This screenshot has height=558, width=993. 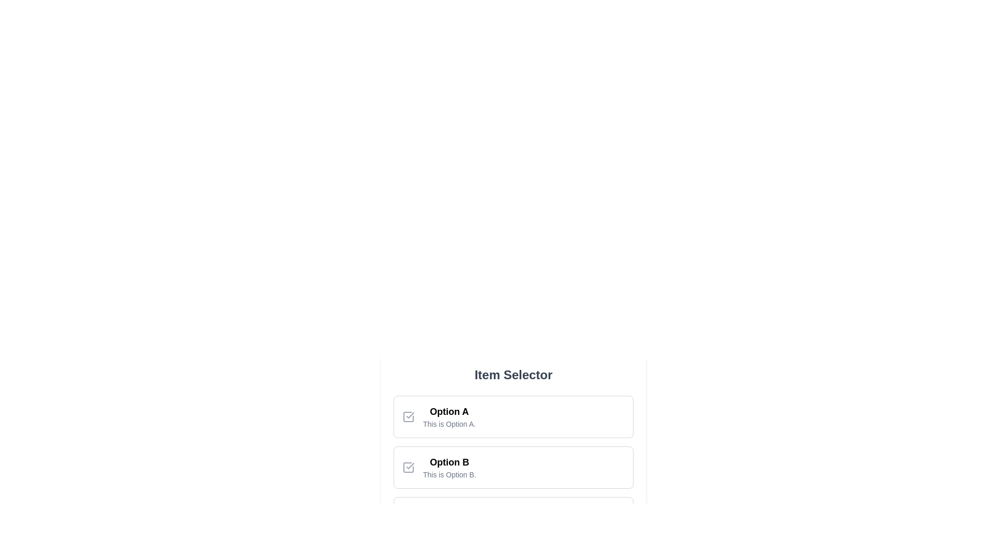 What do you see at coordinates (514, 468) in the screenshot?
I see `the second selectable option in the vertical list, positioned between 'Option A' and 'Option C'` at bounding box center [514, 468].